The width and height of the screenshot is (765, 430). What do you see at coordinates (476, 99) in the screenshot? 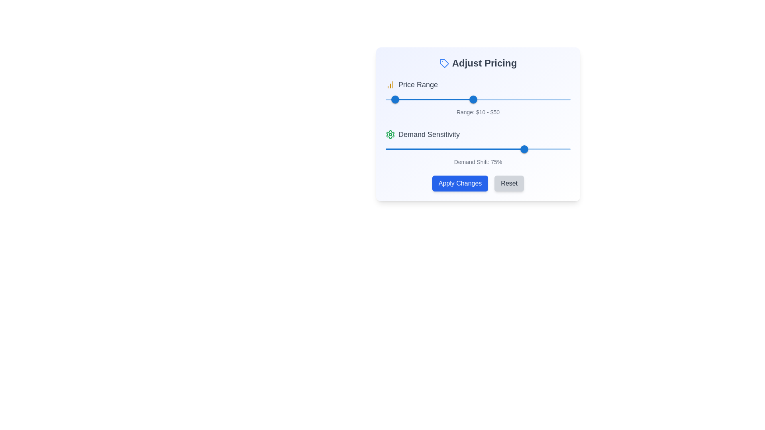
I see `the price range slider` at bounding box center [476, 99].